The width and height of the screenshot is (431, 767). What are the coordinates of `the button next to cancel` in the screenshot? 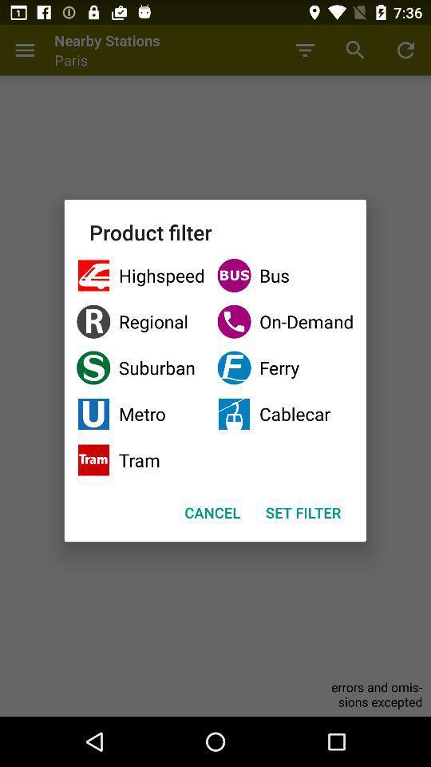 It's located at (303, 511).